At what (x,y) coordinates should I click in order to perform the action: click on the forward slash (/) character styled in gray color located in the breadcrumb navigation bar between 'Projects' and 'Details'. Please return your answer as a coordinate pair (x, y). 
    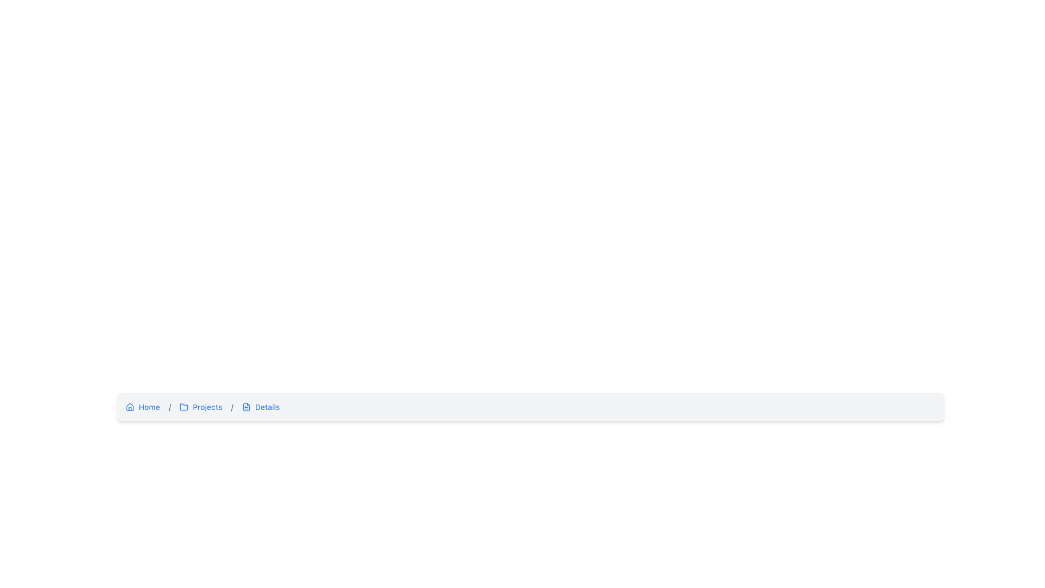
    Looking at the image, I should click on (169, 407).